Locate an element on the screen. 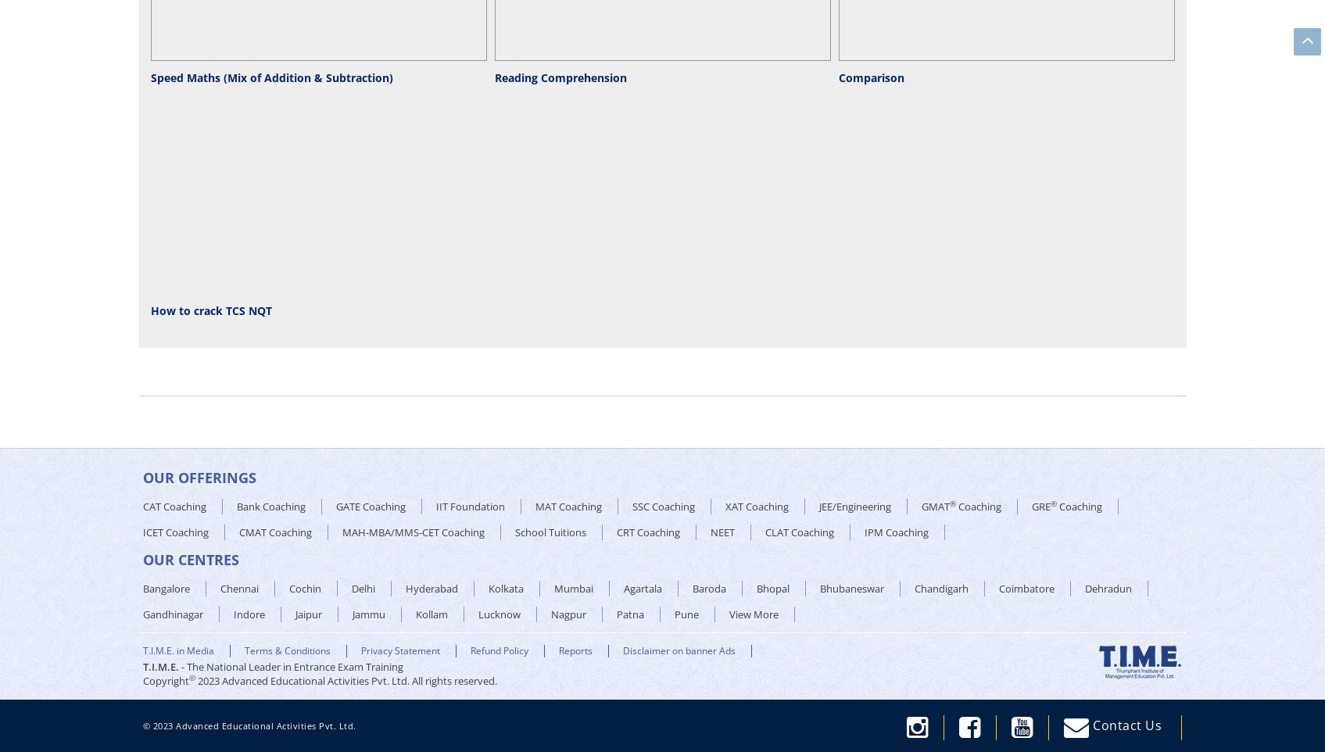  'XAT Coaching' is located at coordinates (756, 507).